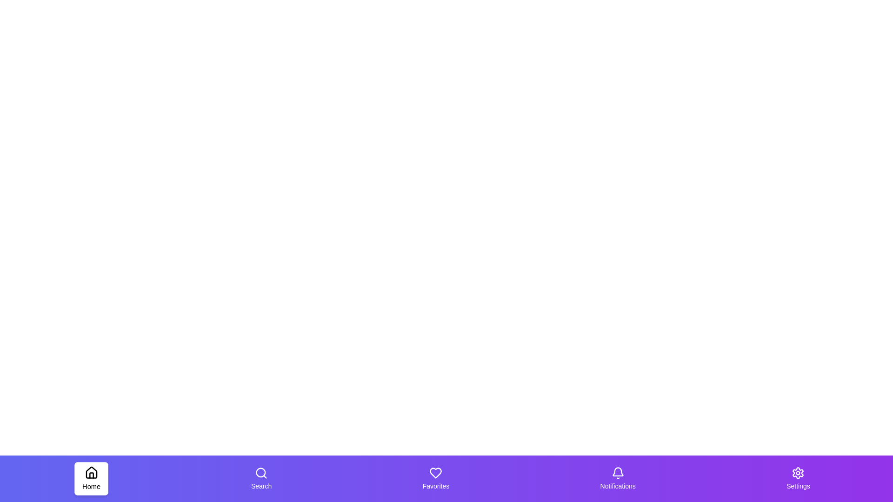 The image size is (893, 502). Describe the element at coordinates (618, 478) in the screenshot. I see `the tab labeled Notifications` at that location.